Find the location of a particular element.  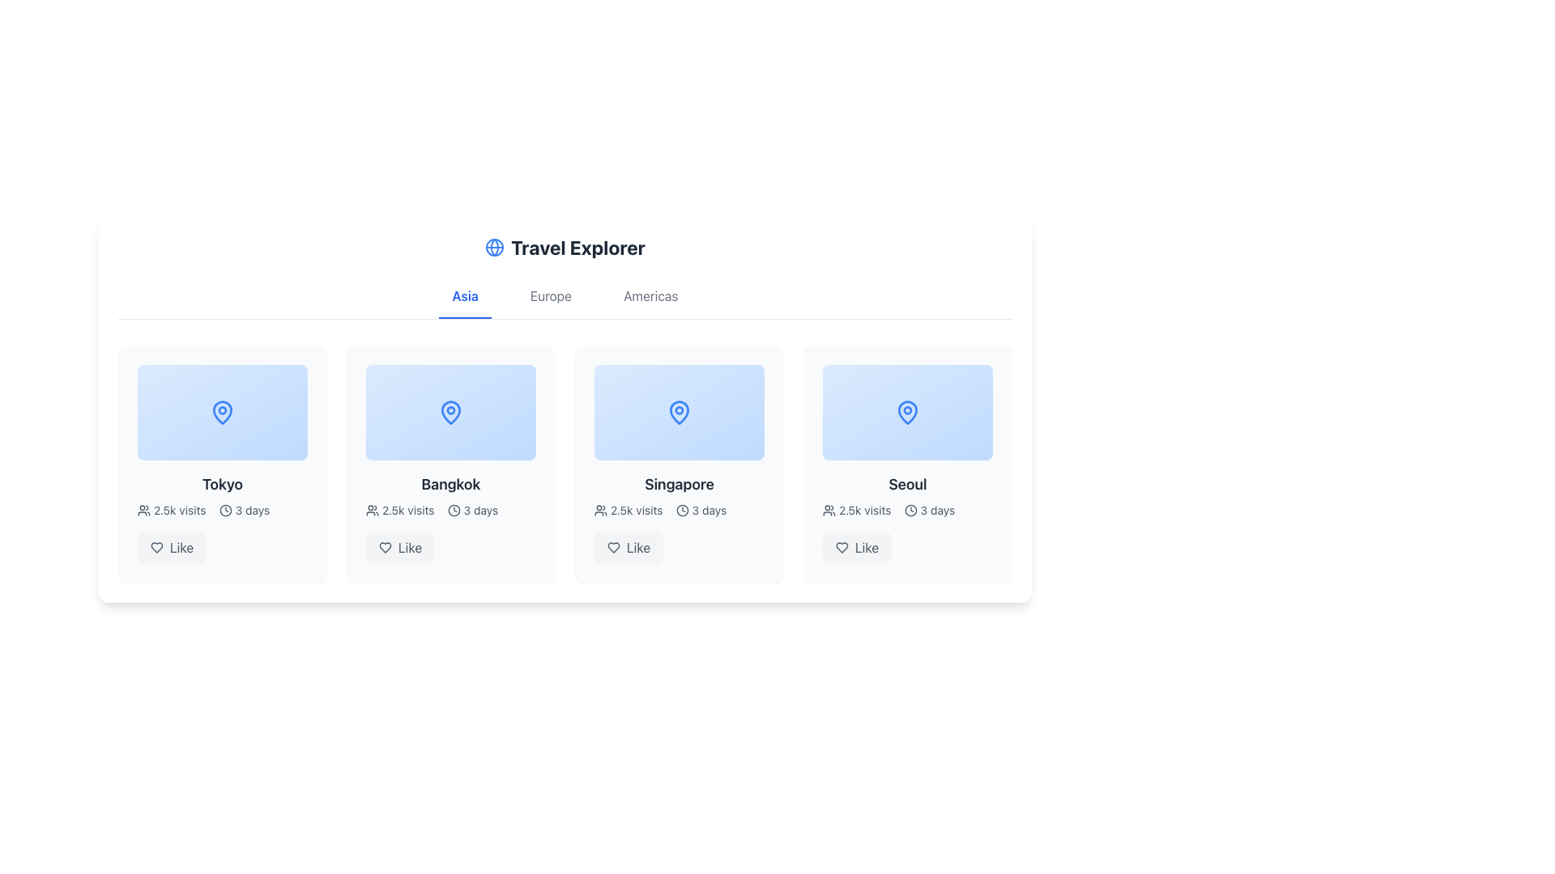

the static text label displaying '2.5k visits.' which is located beneath the image in the 'Tokyo' card in the 'Asia' tab is located at coordinates (180, 511).